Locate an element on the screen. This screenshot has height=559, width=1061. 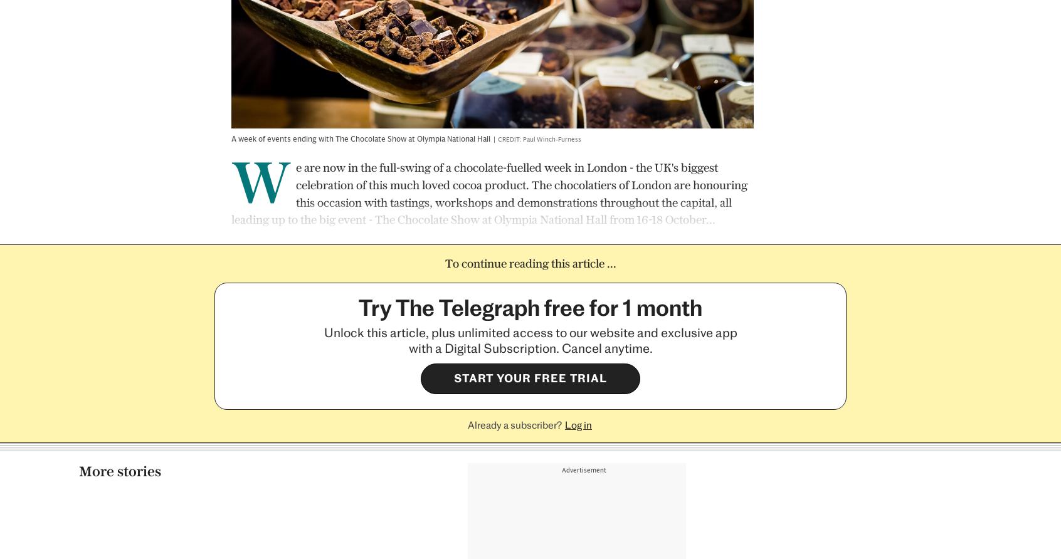
'28 Oct 2023, 10:20am' is located at coordinates (725, 463).